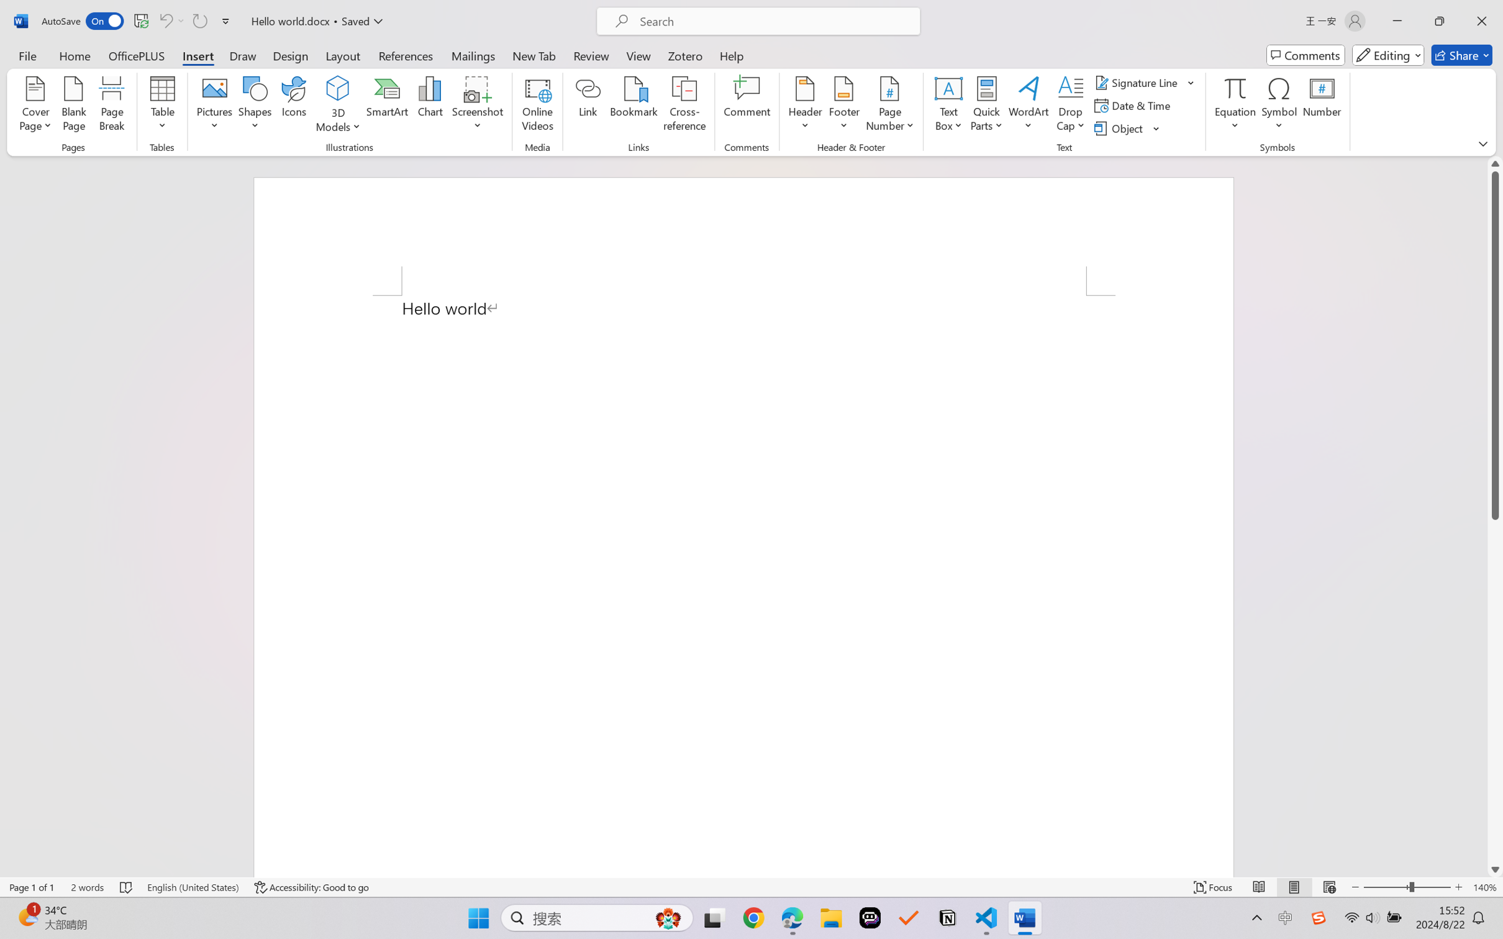  What do you see at coordinates (1133, 106) in the screenshot?
I see `'Date & Time...'` at bounding box center [1133, 106].